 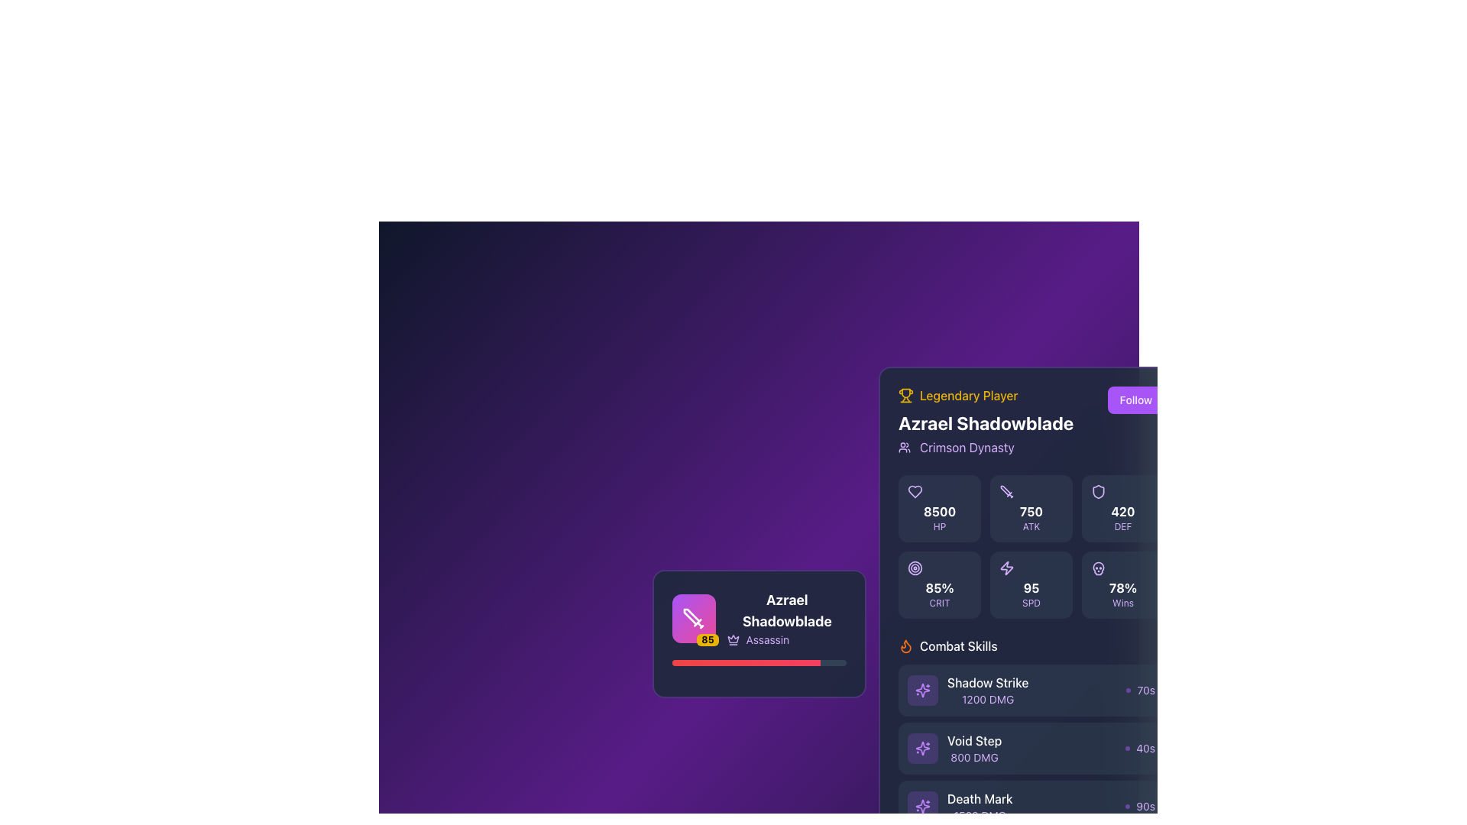 What do you see at coordinates (980, 797) in the screenshot?
I see `text label displaying 'Death Mark' with the value '1500 DMG' in the Combat Skills section of the right-side panel` at bounding box center [980, 797].